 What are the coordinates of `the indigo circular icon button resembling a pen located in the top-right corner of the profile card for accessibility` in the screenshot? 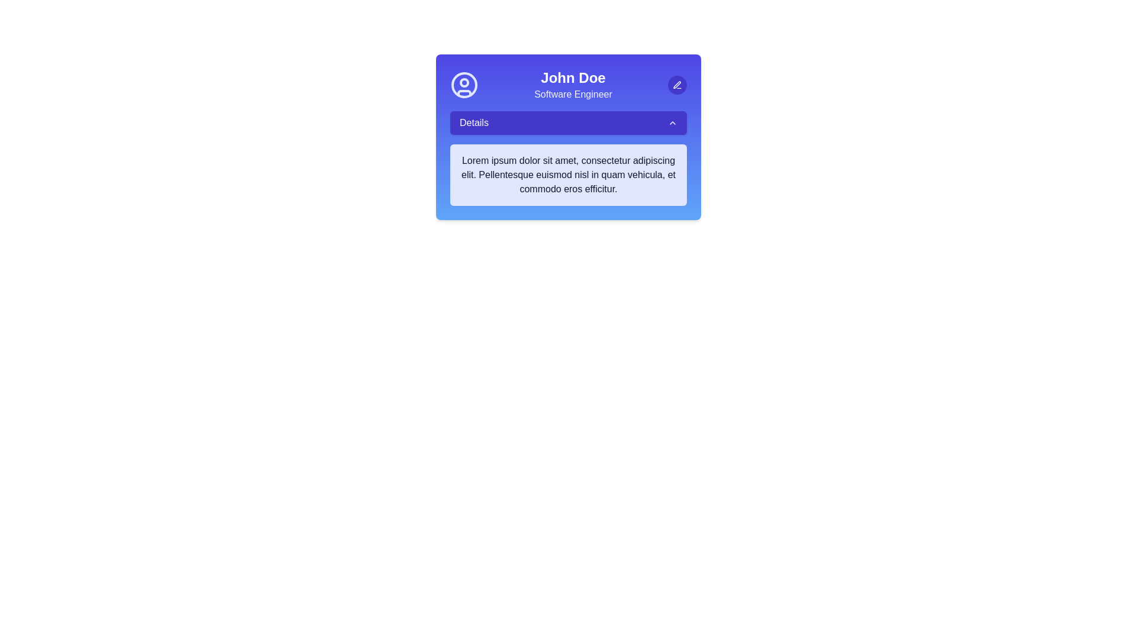 It's located at (677, 84).